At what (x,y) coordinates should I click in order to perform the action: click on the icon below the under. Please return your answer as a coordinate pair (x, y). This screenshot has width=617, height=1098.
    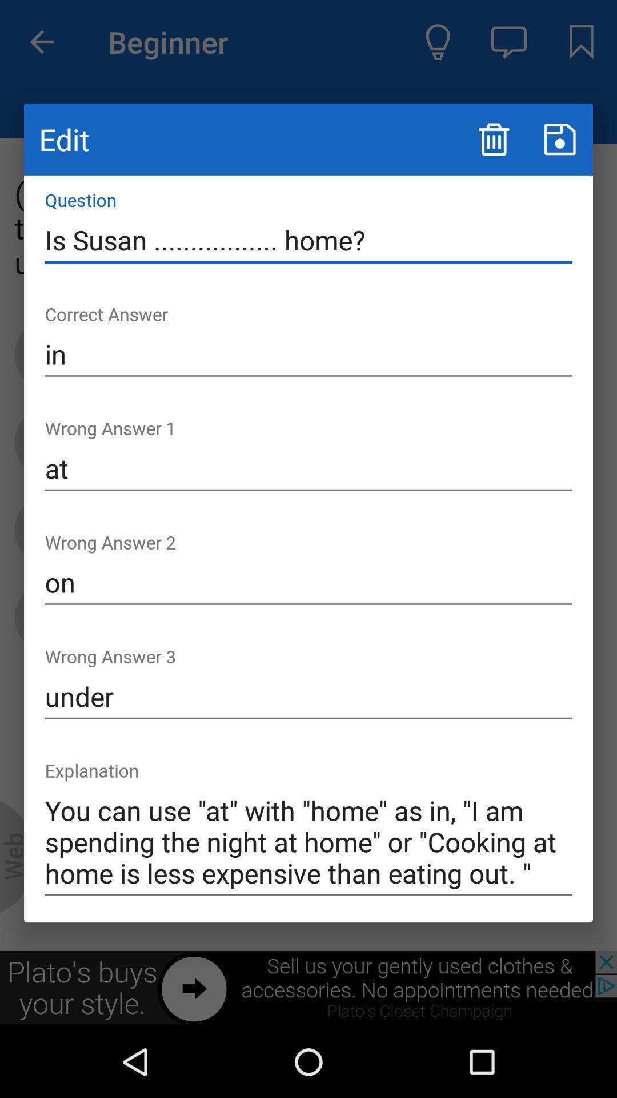
    Looking at the image, I should click on (308, 842).